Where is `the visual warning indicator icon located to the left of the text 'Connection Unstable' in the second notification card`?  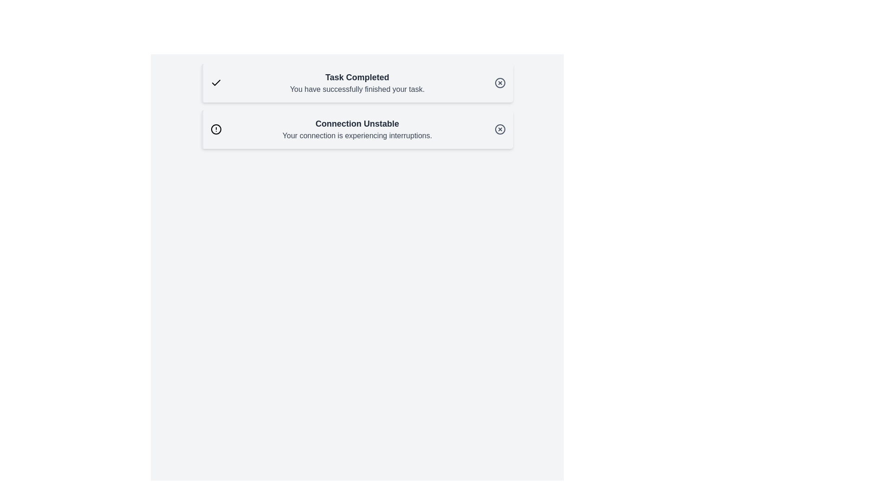
the visual warning indicator icon located to the left of the text 'Connection Unstable' in the second notification card is located at coordinates (215, 129).